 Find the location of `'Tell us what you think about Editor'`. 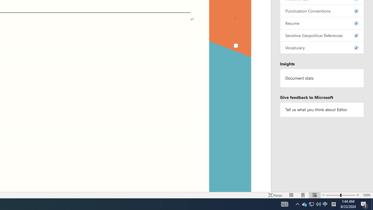

'Tell us what you think about Editor' is located at coordinates (322, 110).